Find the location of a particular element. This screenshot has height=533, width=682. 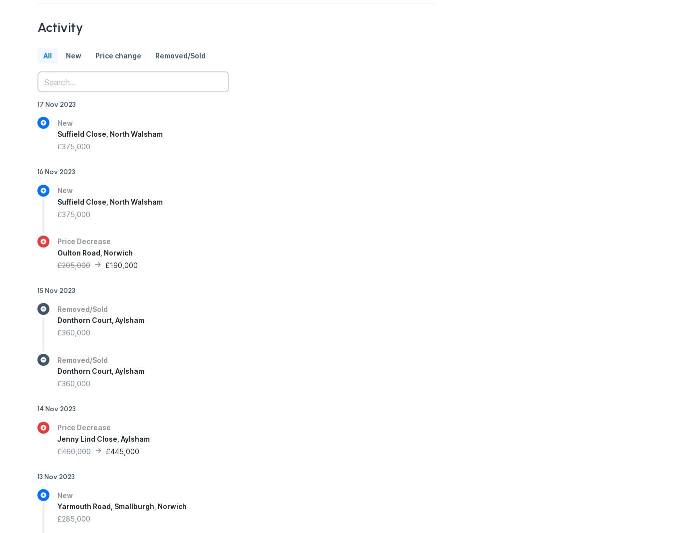

'Oulton Road, Norwich' is located at coordinates (94, 252).